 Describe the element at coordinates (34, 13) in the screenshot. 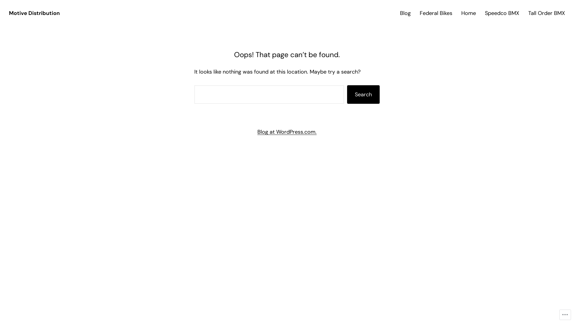

I see `'Motive Distribution'` at that location.